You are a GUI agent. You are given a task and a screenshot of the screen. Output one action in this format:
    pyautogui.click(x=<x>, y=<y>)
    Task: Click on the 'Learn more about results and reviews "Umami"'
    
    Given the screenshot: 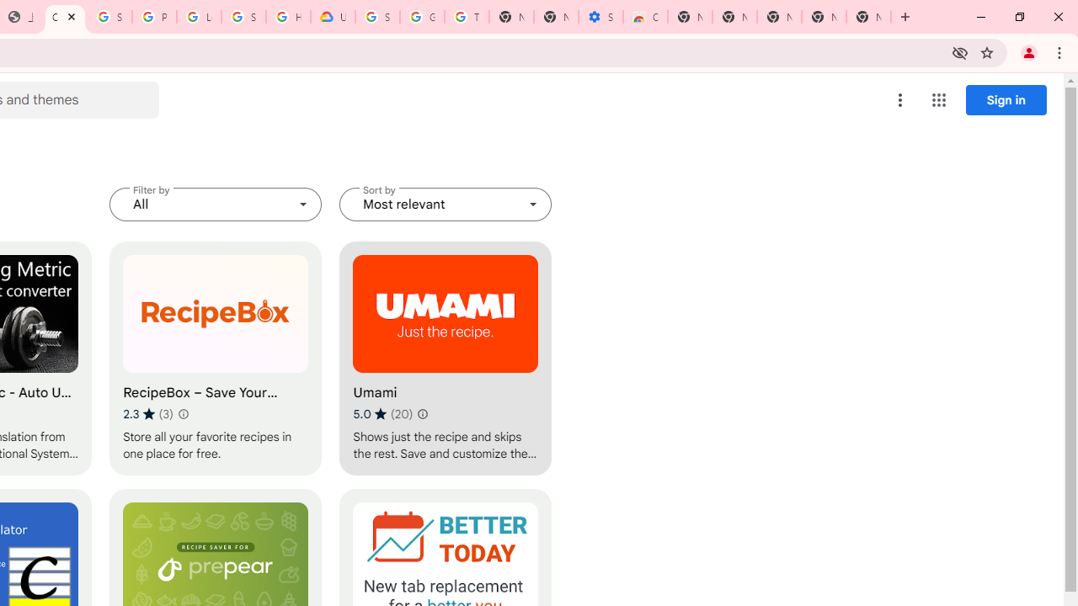 What is the action you would take?
    pyautogui.click(x=423, y=414)
    